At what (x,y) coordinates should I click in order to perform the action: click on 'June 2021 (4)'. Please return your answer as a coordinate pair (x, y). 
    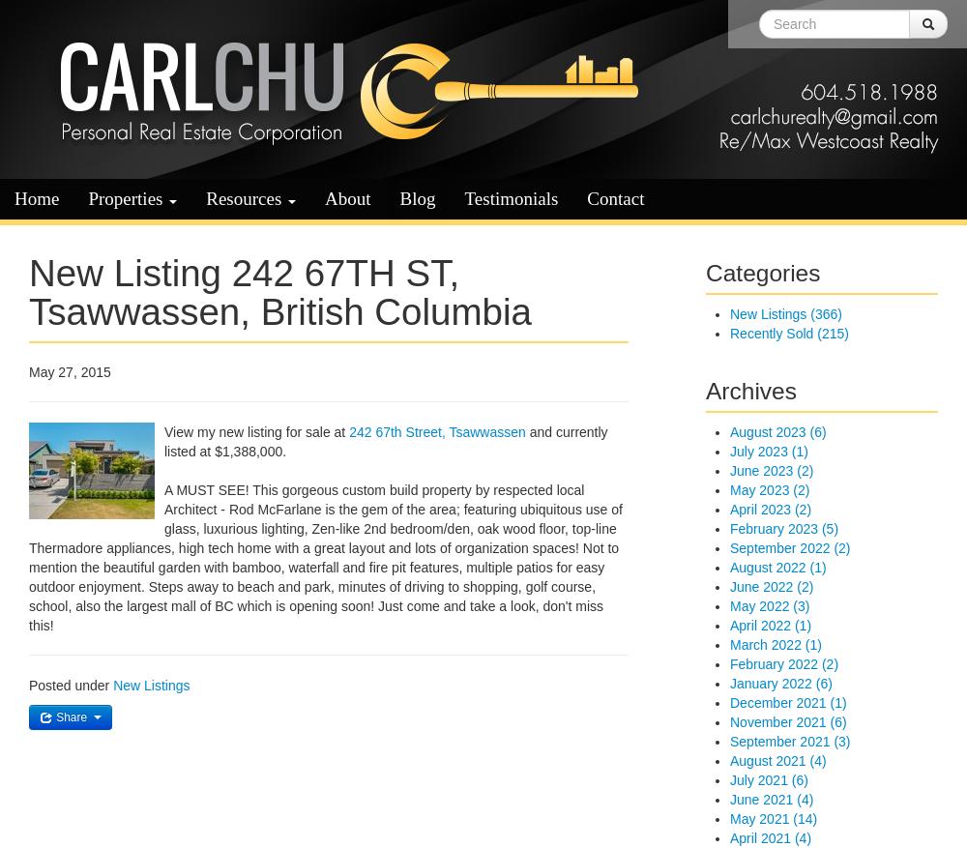
    Looking at the image, I should click on (772, 799).